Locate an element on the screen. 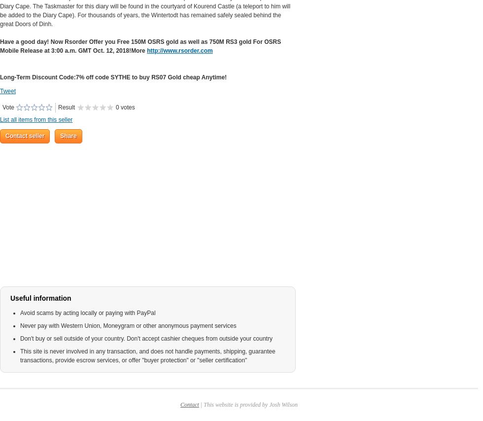 The height and width of the screenshot is (421, 483). 'Have a good day! Now Rsorder Offer you Free 150M OSRS gold as well as 750M RS3 gold' is located at coordinates (126, 41).